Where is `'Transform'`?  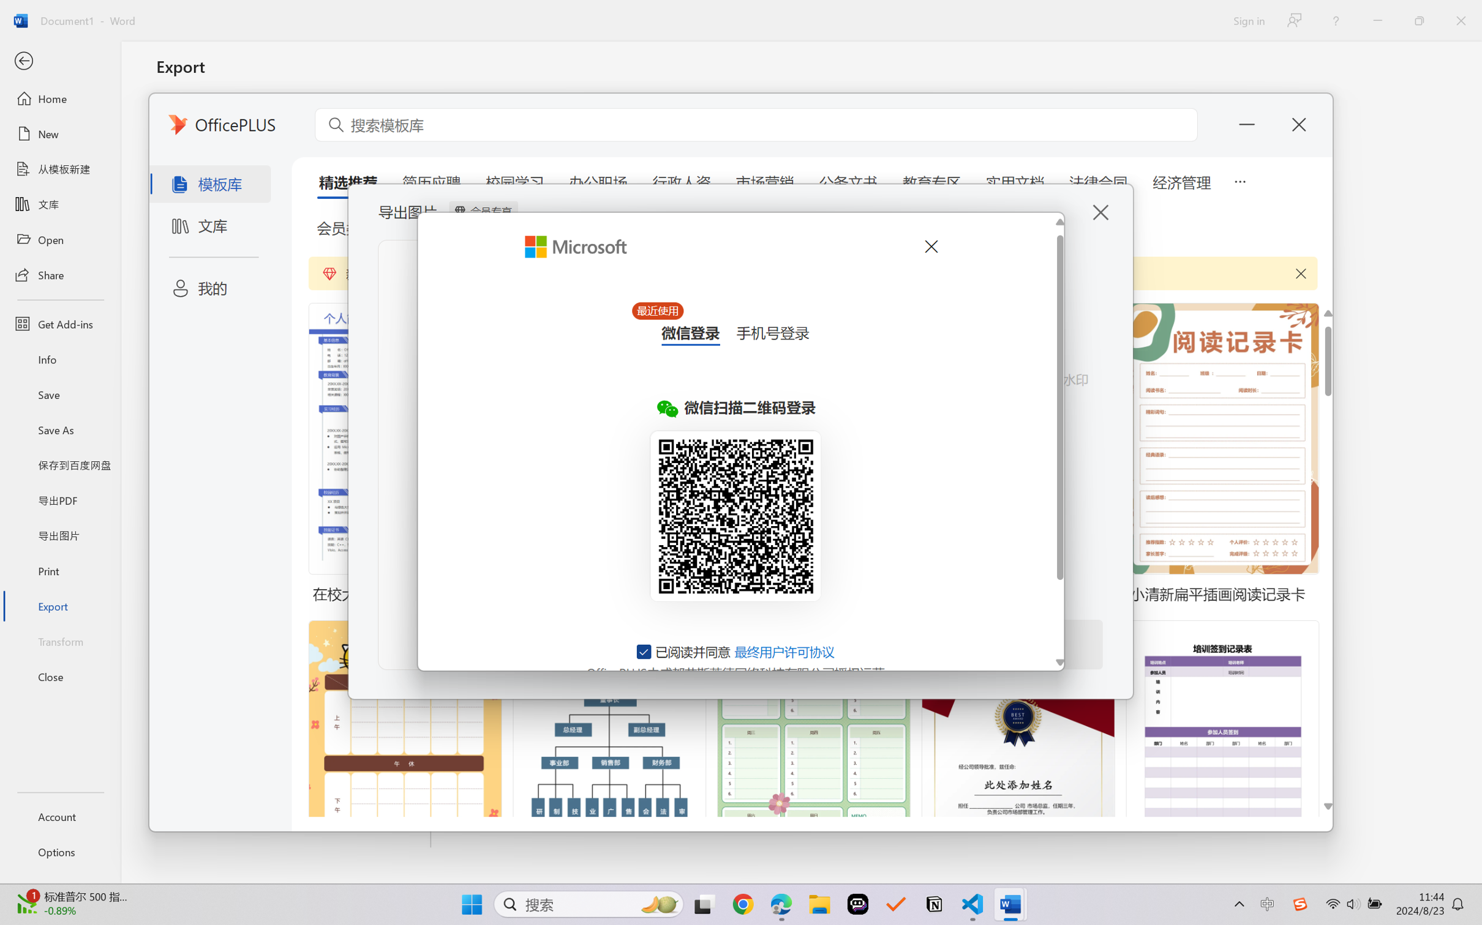 'Transform' is located at coordinates (59, 640).